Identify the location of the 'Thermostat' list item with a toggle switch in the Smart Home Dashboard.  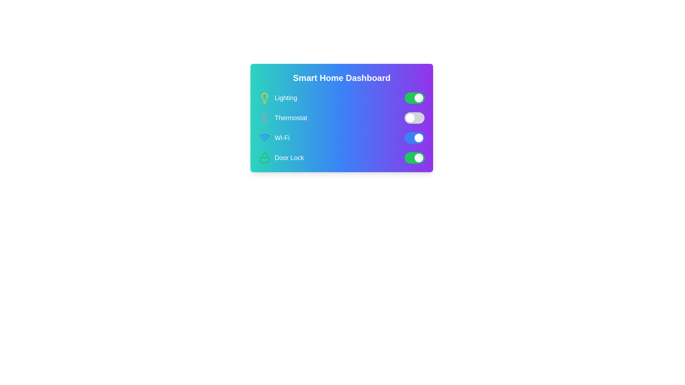
(341, 118).